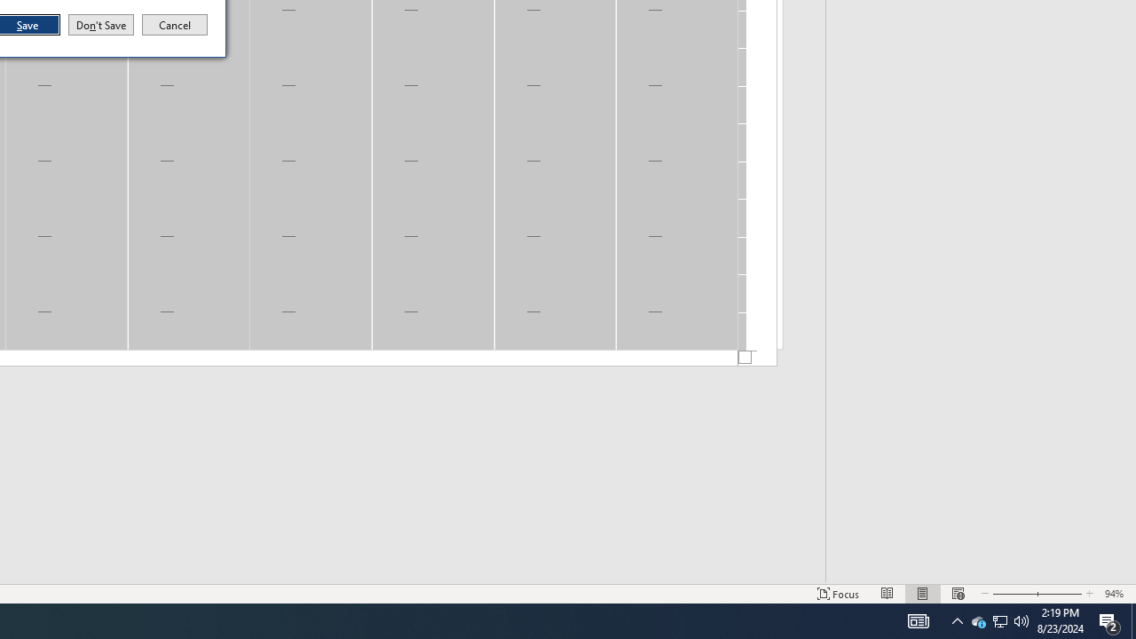 Image resolution: width=1136 pixels, height=639 pixels. What do you see at coordinates (957, 594) in the screenshot?
I see `'Web Layout'` at bounding box center [957, 594].